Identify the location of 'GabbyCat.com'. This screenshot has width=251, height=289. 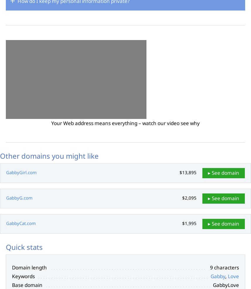
(21, 223).